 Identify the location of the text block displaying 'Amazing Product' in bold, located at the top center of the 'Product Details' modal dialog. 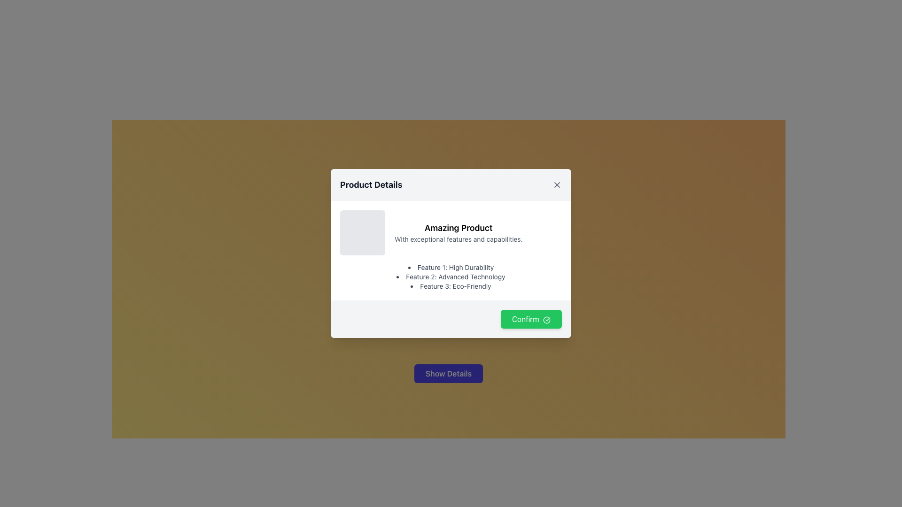
(459, 228).